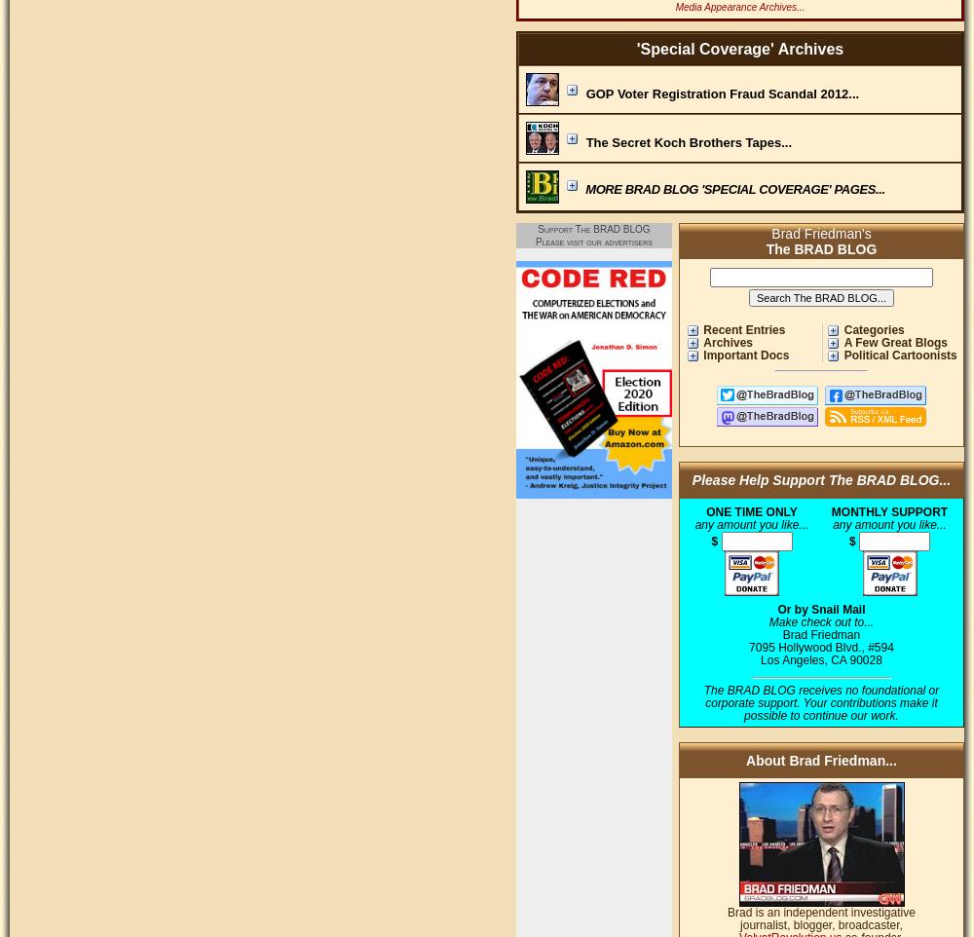 The width and height of the screenshot is (974, 937). What do you see at coordinates (674, 6) in the screenshot?
I see `'Media Appearance Archives...'` at bounding box center [674, 6].